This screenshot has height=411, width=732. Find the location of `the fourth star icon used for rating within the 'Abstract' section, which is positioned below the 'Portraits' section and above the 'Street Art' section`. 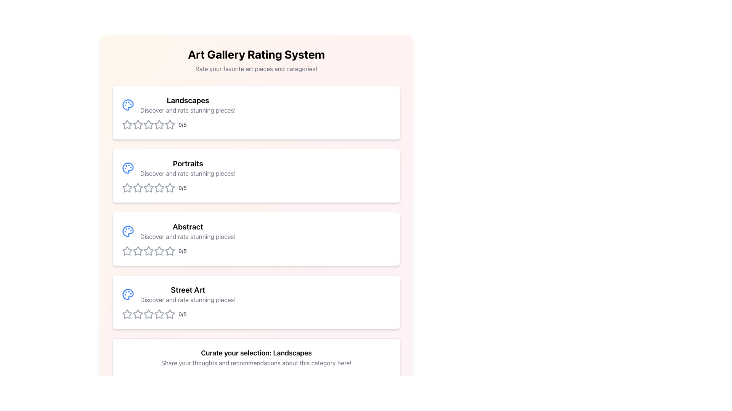

the fourth star icon used for rating within the 'Abstract' section, which is positioned below the 'Portraits' section and above the 'Street Art' section is located at coordinates (159, 251).